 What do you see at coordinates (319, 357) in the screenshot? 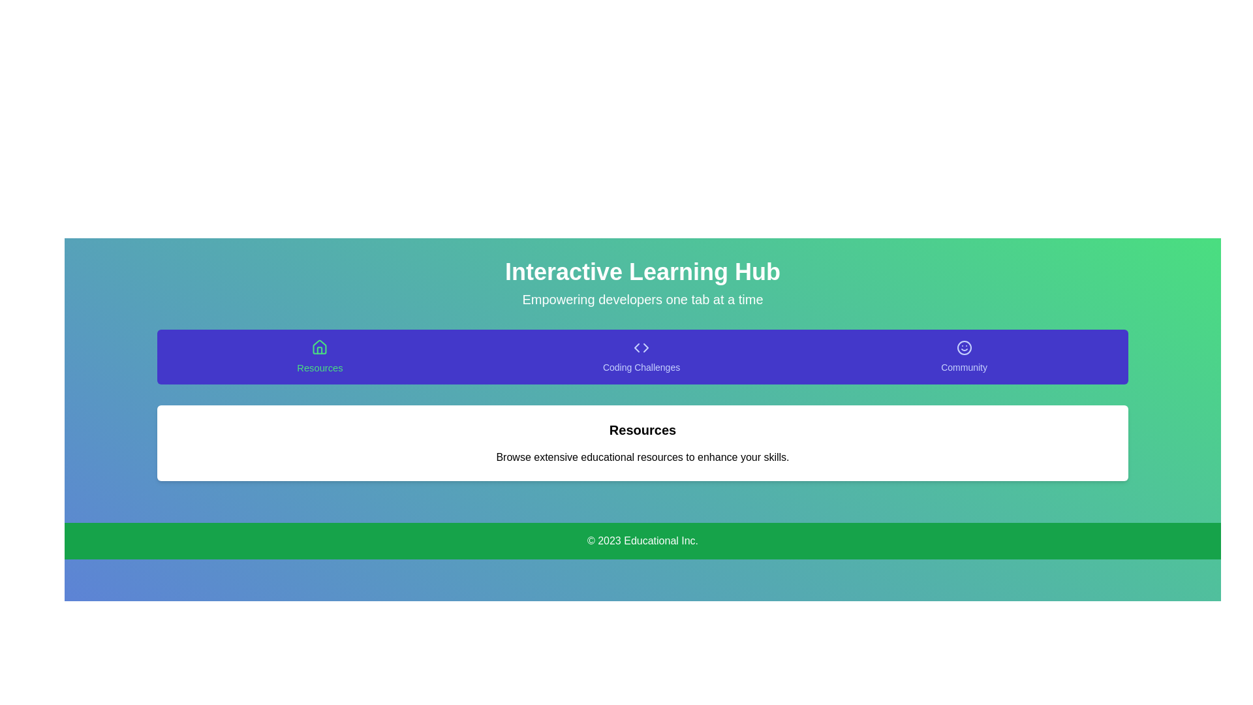
I see `the tab labeled Resources` at bounding box center [319, 357].